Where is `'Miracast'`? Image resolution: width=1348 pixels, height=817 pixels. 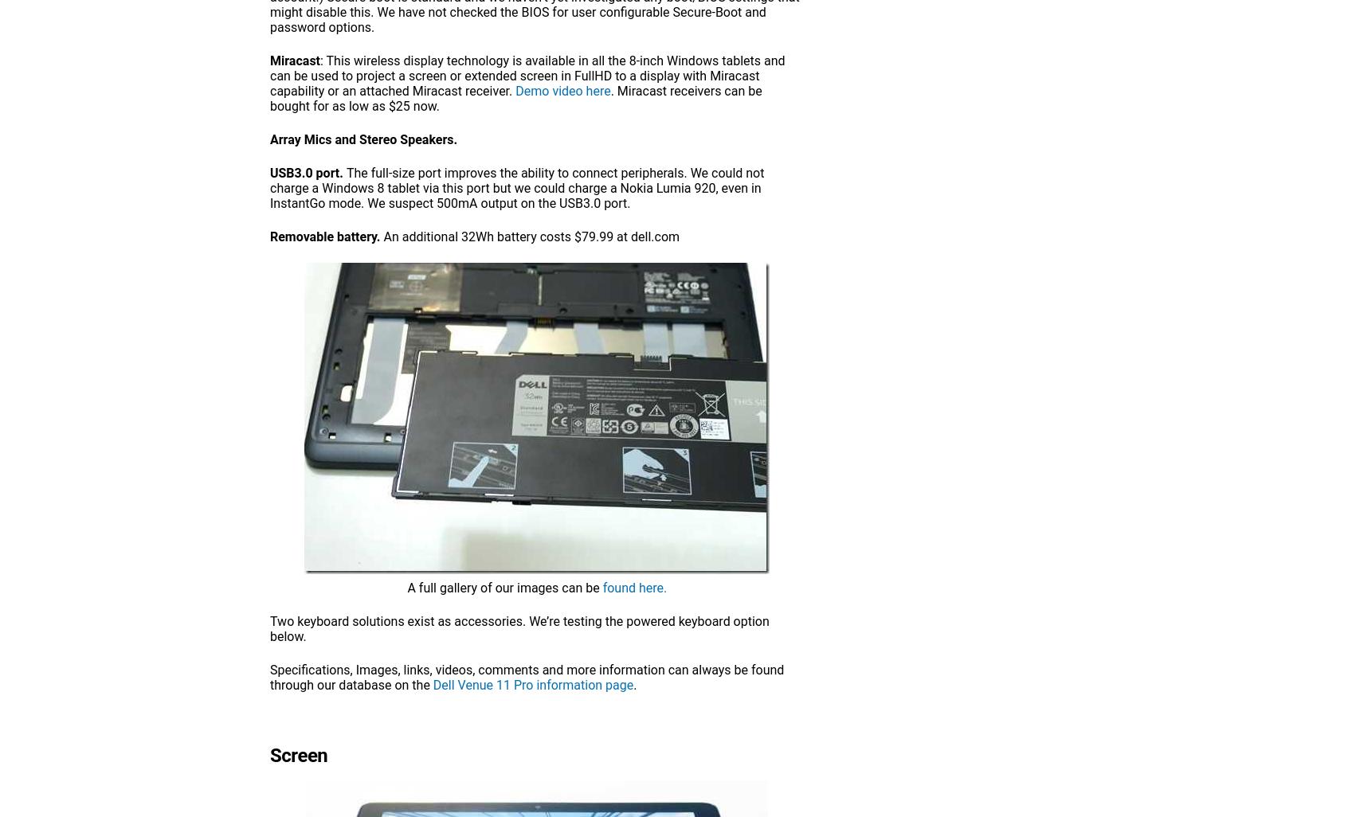
'Miracast' is located at coordinates (269, 60).